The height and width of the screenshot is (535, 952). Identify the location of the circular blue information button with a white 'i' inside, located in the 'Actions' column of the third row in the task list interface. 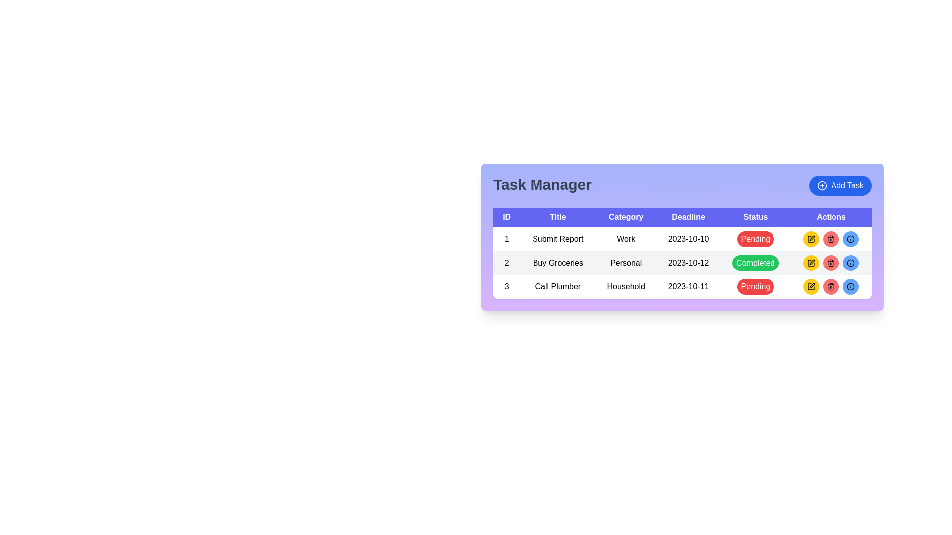
(850, 286).